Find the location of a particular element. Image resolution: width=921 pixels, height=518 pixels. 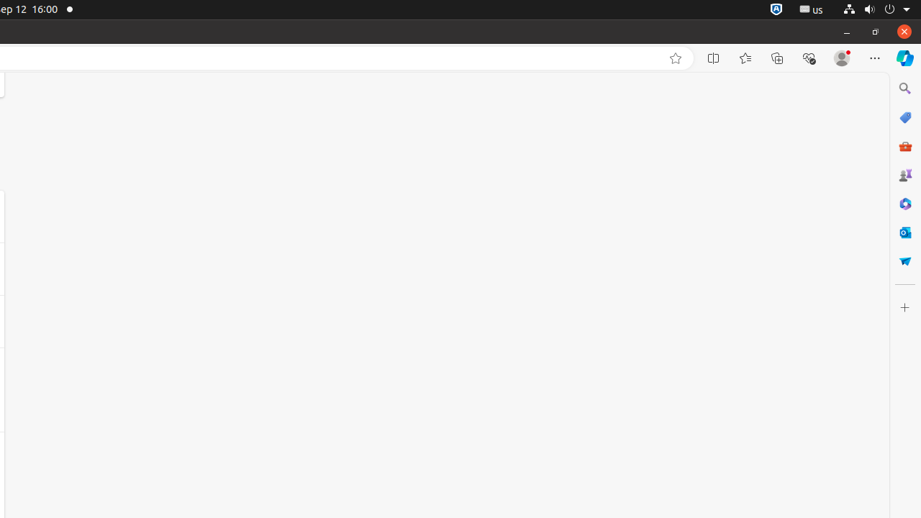

'Settings and more (Alt+F)' is located at coordinates (874, 58).